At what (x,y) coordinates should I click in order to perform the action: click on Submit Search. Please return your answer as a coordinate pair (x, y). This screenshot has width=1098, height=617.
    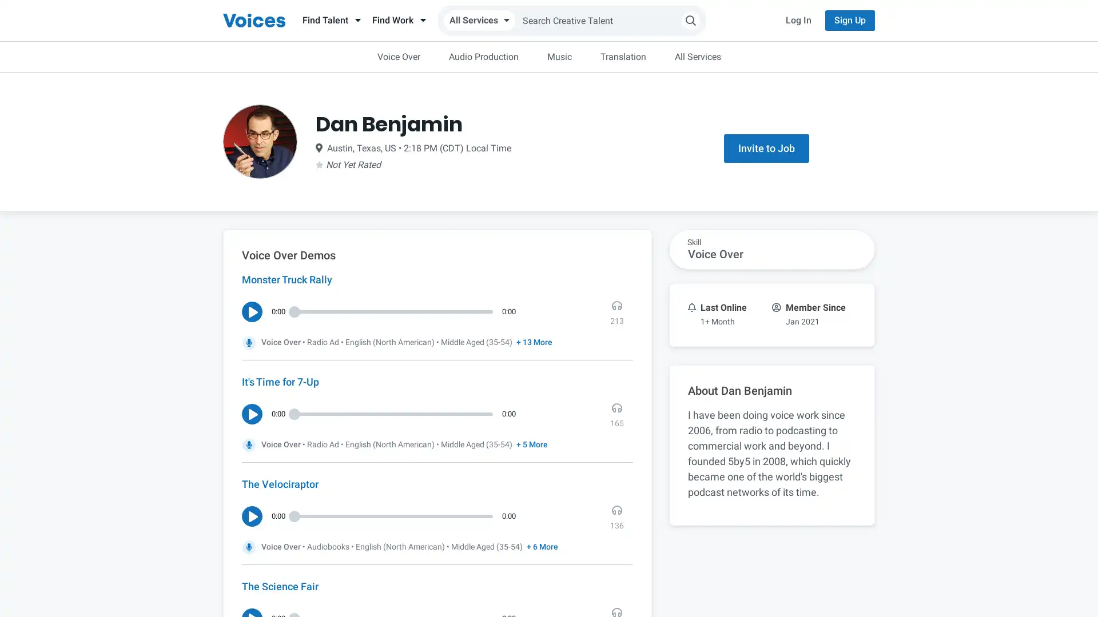
    Looking at the image, I should click on (690, 20).